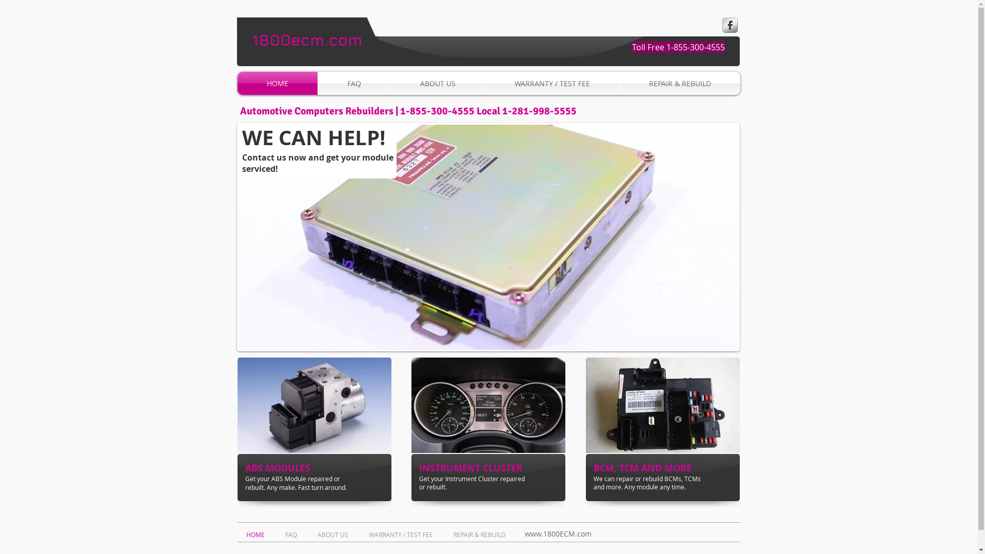 This screenshot has width=985, height=554. What do you see at coordinates (292, 533) in the screenshot?
I see `'FAQ'` at bounding box center [292, 533].